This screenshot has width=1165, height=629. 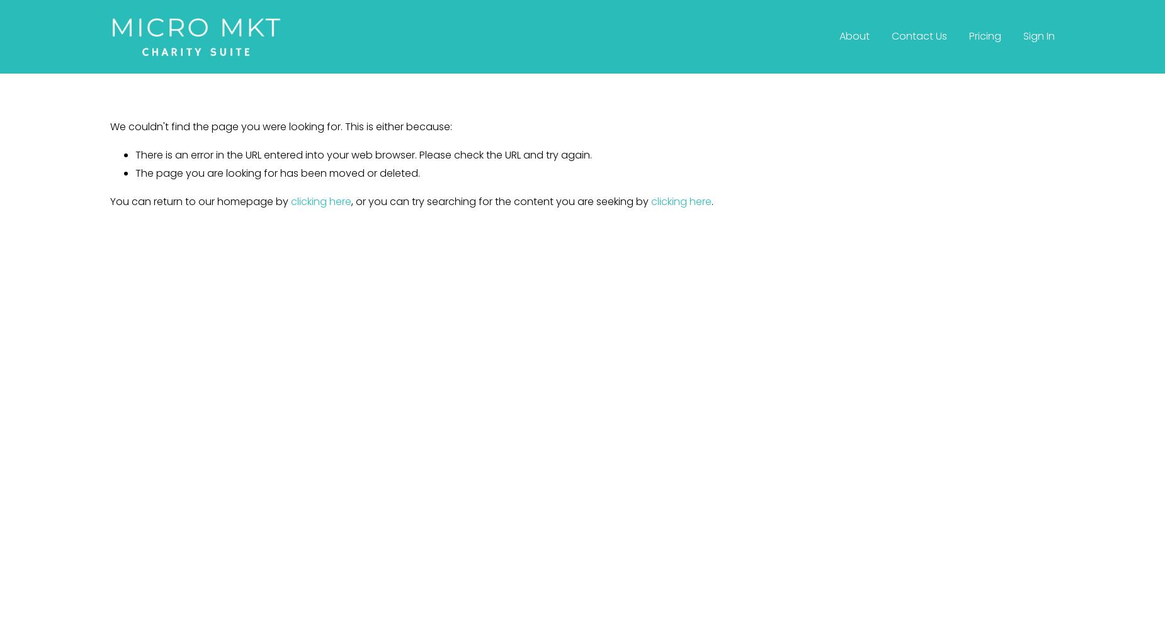 I want to click on 'We couldn't find the page you were looking for. This is either because:', so click(x=280, y=126).